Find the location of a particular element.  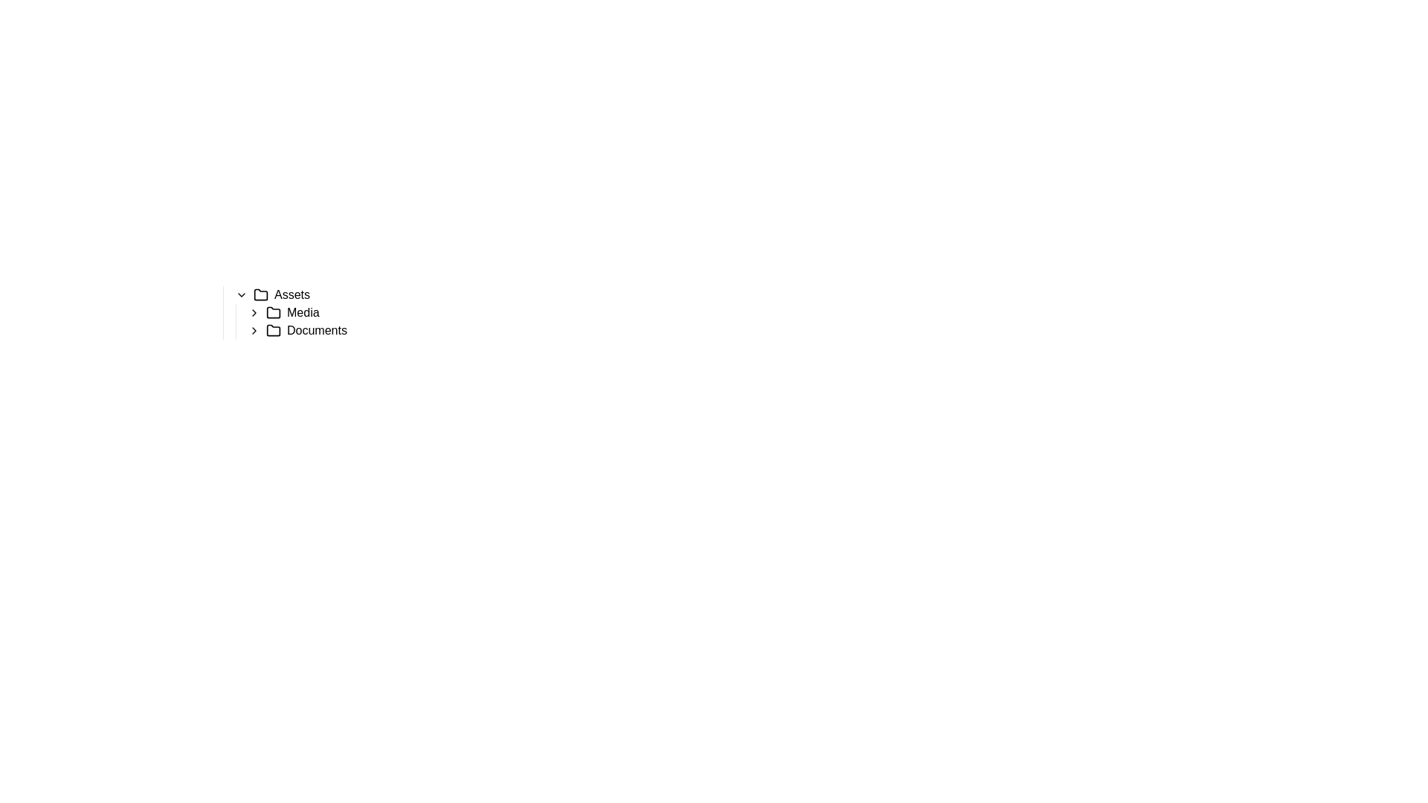

the 'Documents' folder icon, which is the third element in a horizontal navigation panel, located before the label 'Documents' is located at coordinates (274, 329).